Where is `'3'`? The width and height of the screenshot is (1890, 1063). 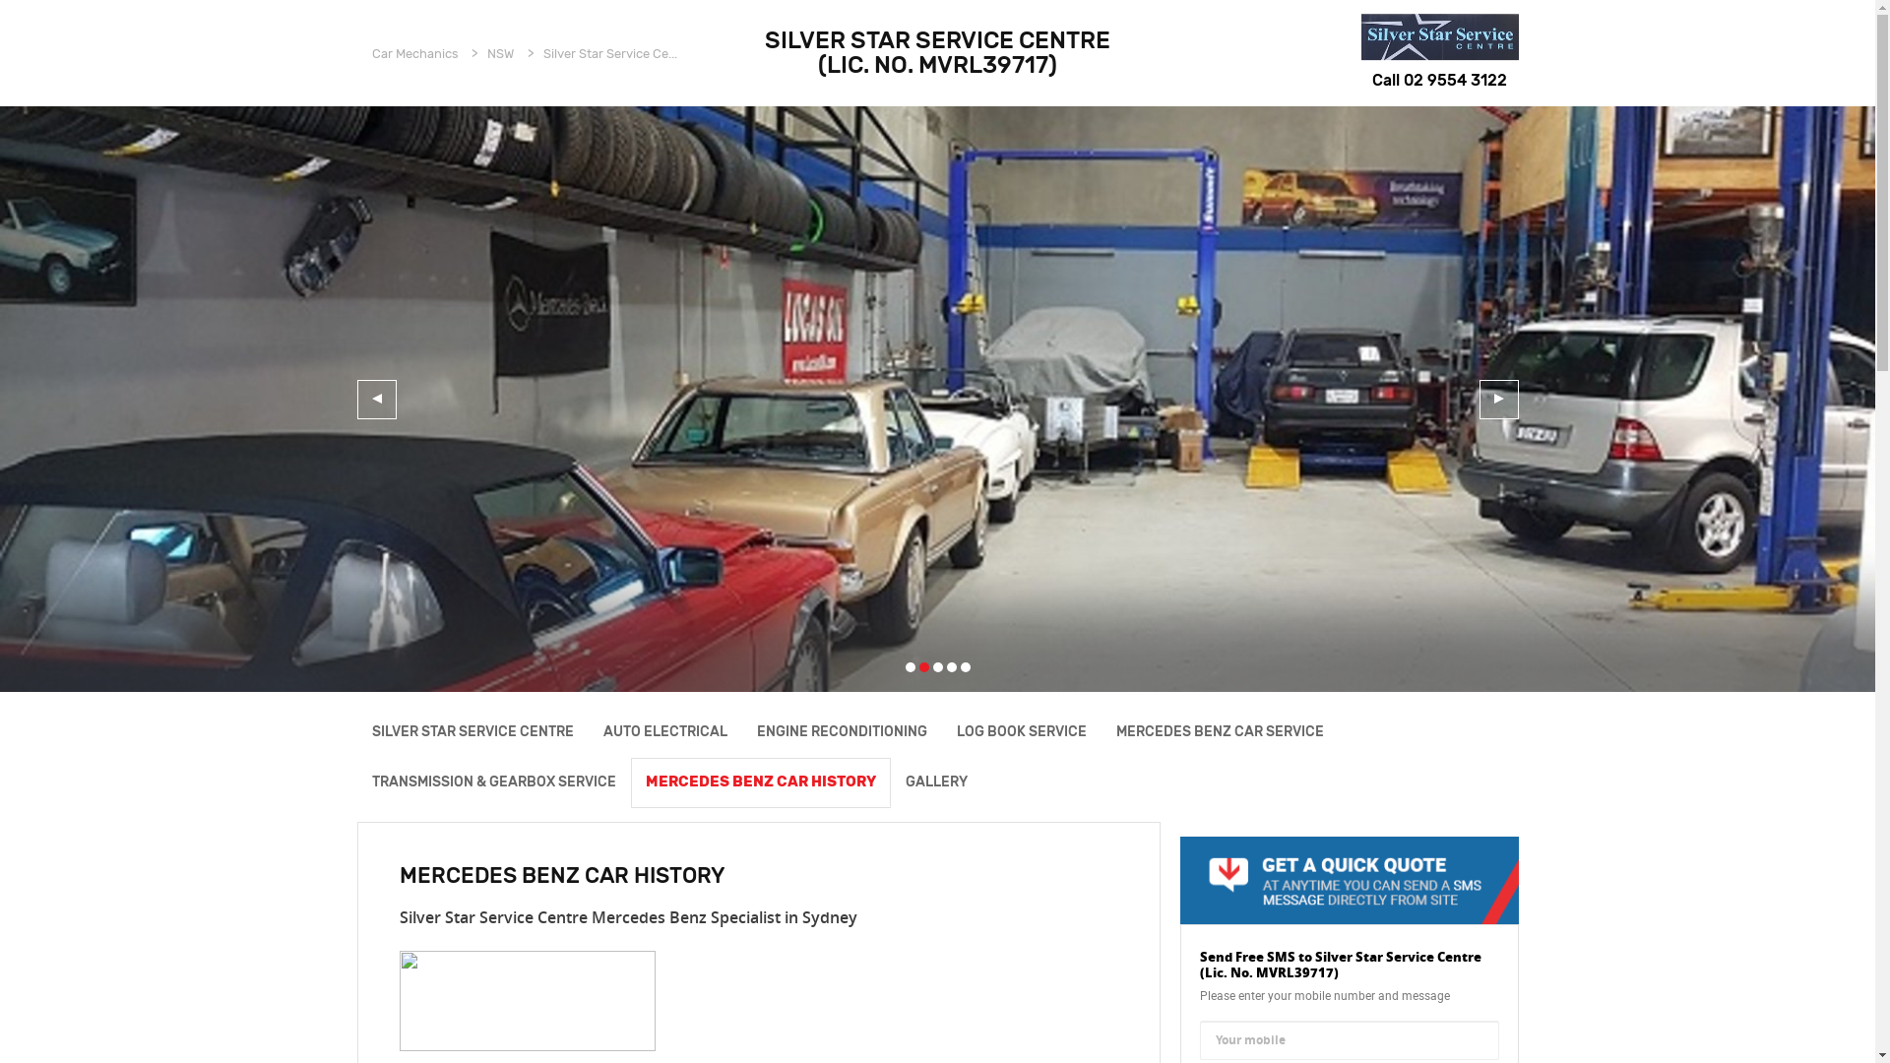 '3' is located at coordinates (937, 666).